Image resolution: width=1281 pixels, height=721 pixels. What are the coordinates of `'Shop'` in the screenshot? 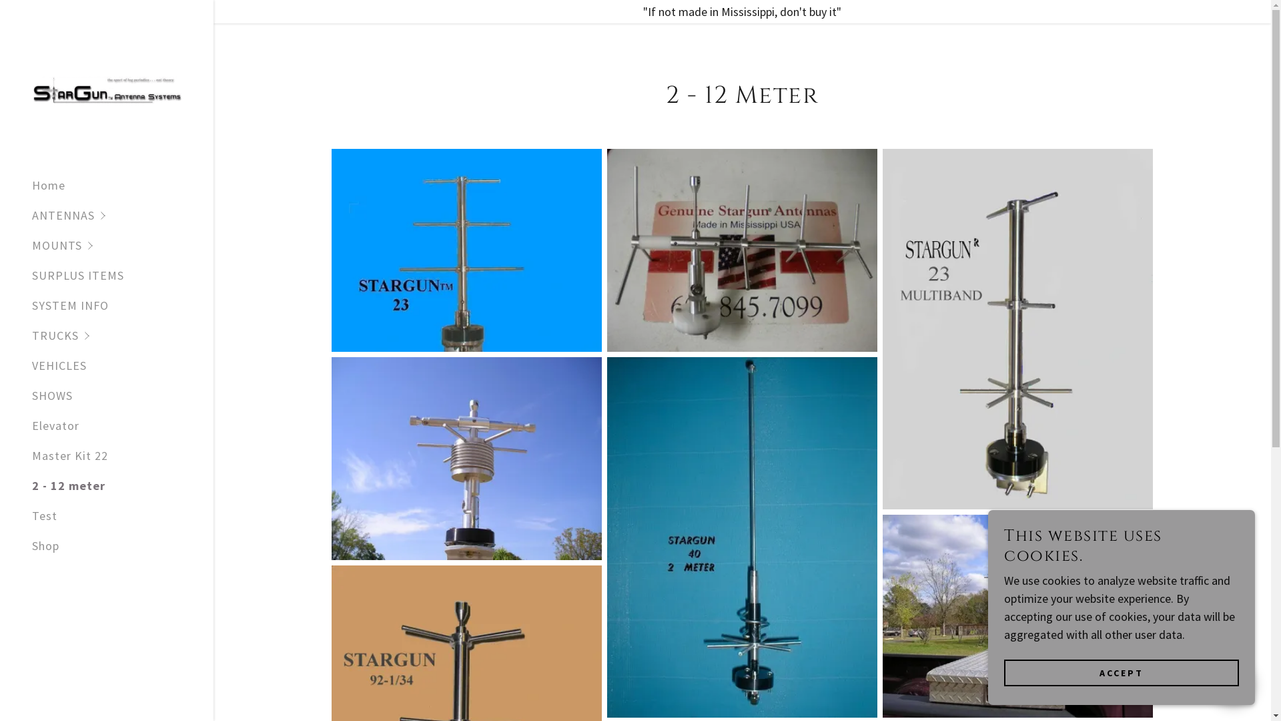 It's located at (45, 545).